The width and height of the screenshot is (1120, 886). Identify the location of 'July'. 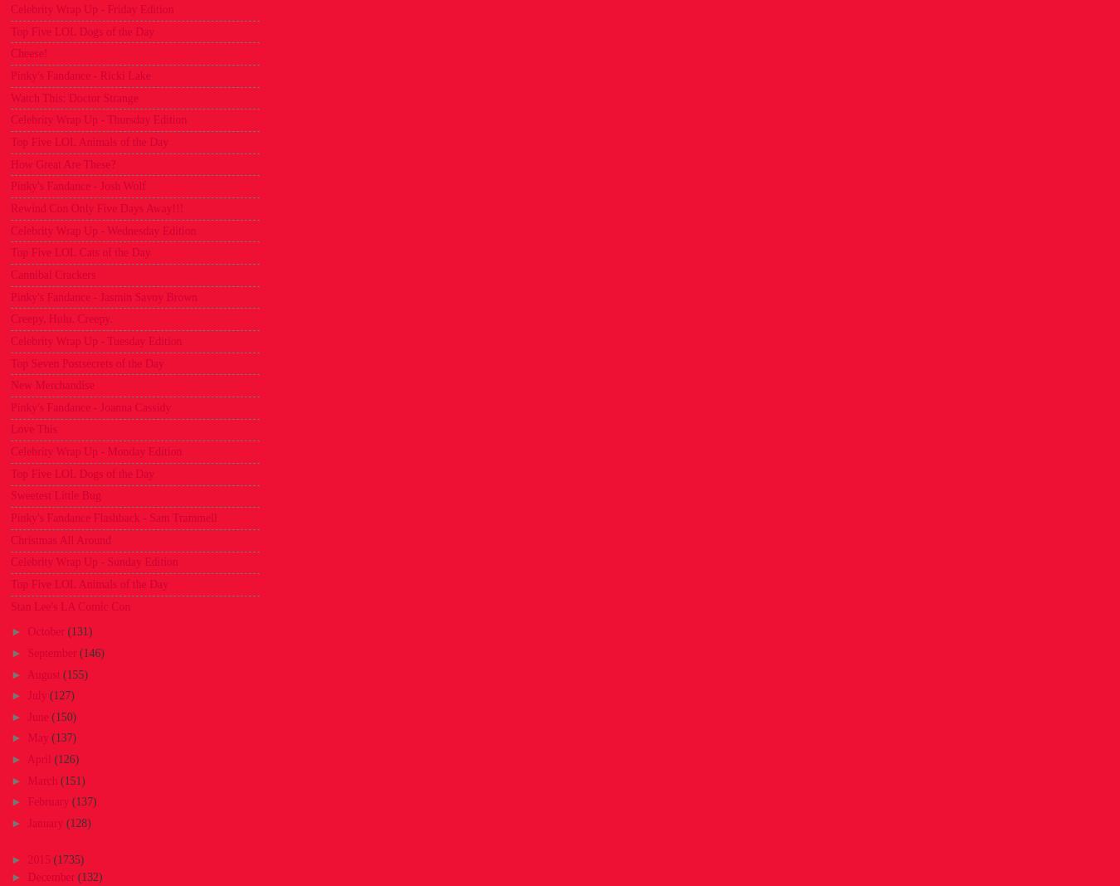
(37, 694).